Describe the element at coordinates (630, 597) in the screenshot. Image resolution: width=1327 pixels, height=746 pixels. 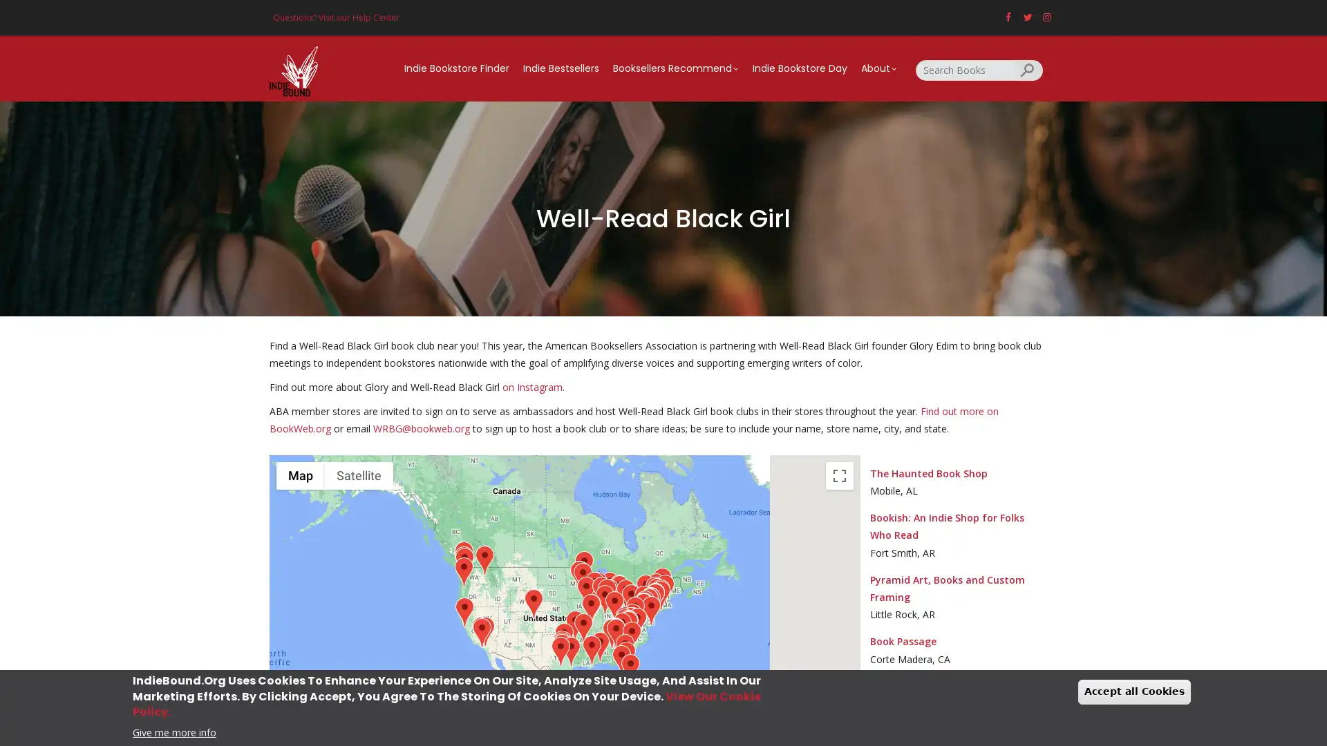
I see `The Tiny Bookstore` at that location.